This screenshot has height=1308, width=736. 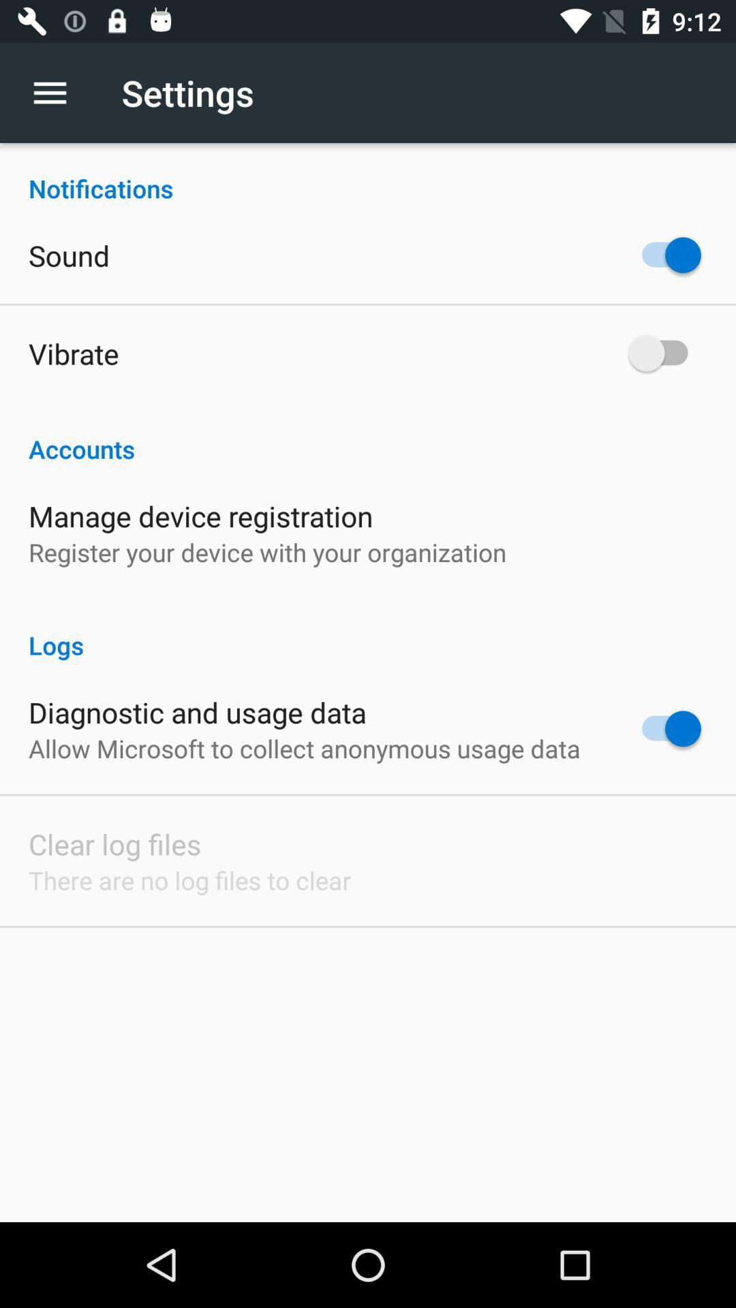 What do you see at coordinates (74, 353) in the screenshot?
I see `the icon above accounts` at bounding box center [74, 353].